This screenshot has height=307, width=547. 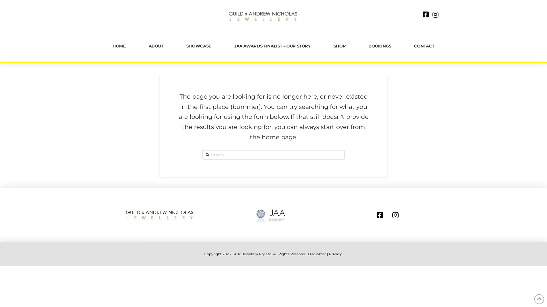 I want to click on 'ABOUT', so click(x=156, y=46).